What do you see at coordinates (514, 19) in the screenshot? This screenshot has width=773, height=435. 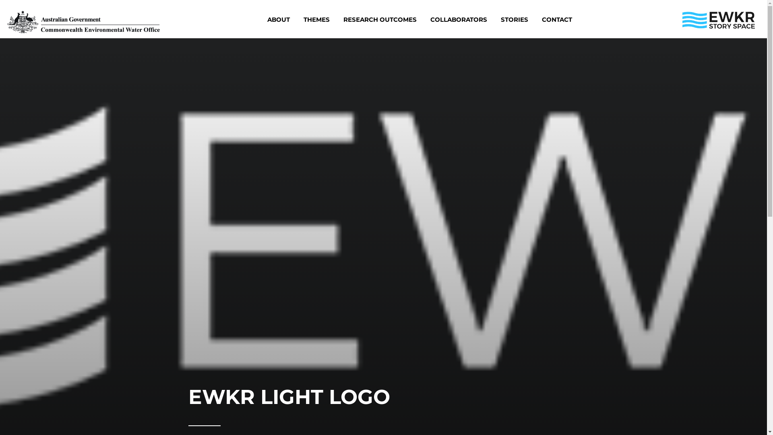 I see `'STORIES'` at bounding box center [514, 19].